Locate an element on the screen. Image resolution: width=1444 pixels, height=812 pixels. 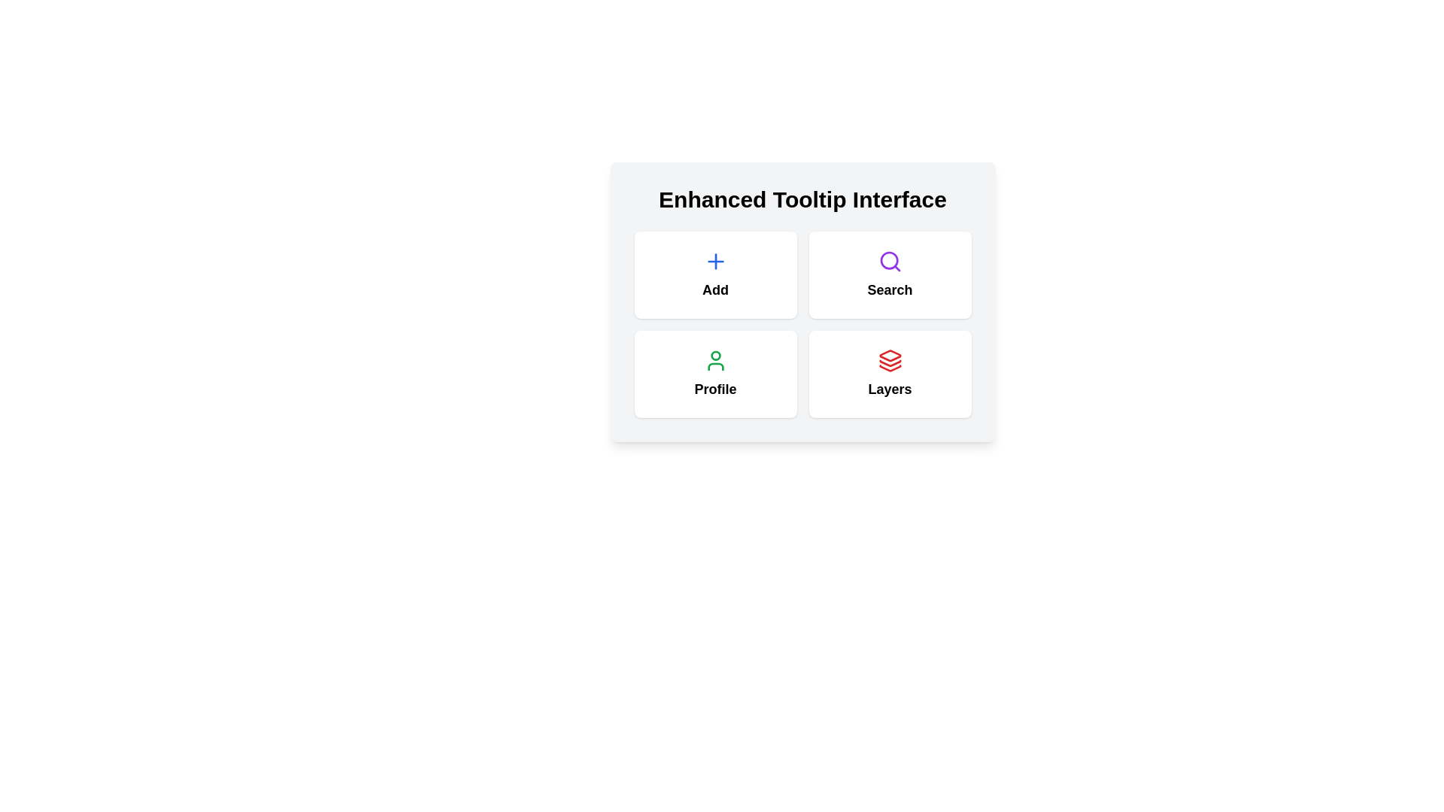
the blue-colored plus icon located in the upper-left box of the grid layout is located at coordinates (714, 260).